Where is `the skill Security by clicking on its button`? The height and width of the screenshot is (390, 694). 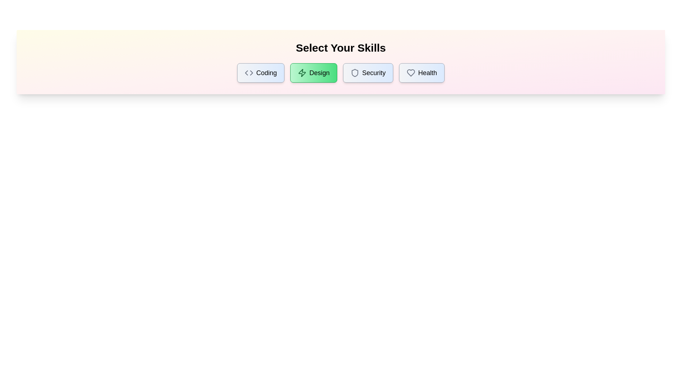
the skill Security by clicking on its button is located at coordinates (368, 73).